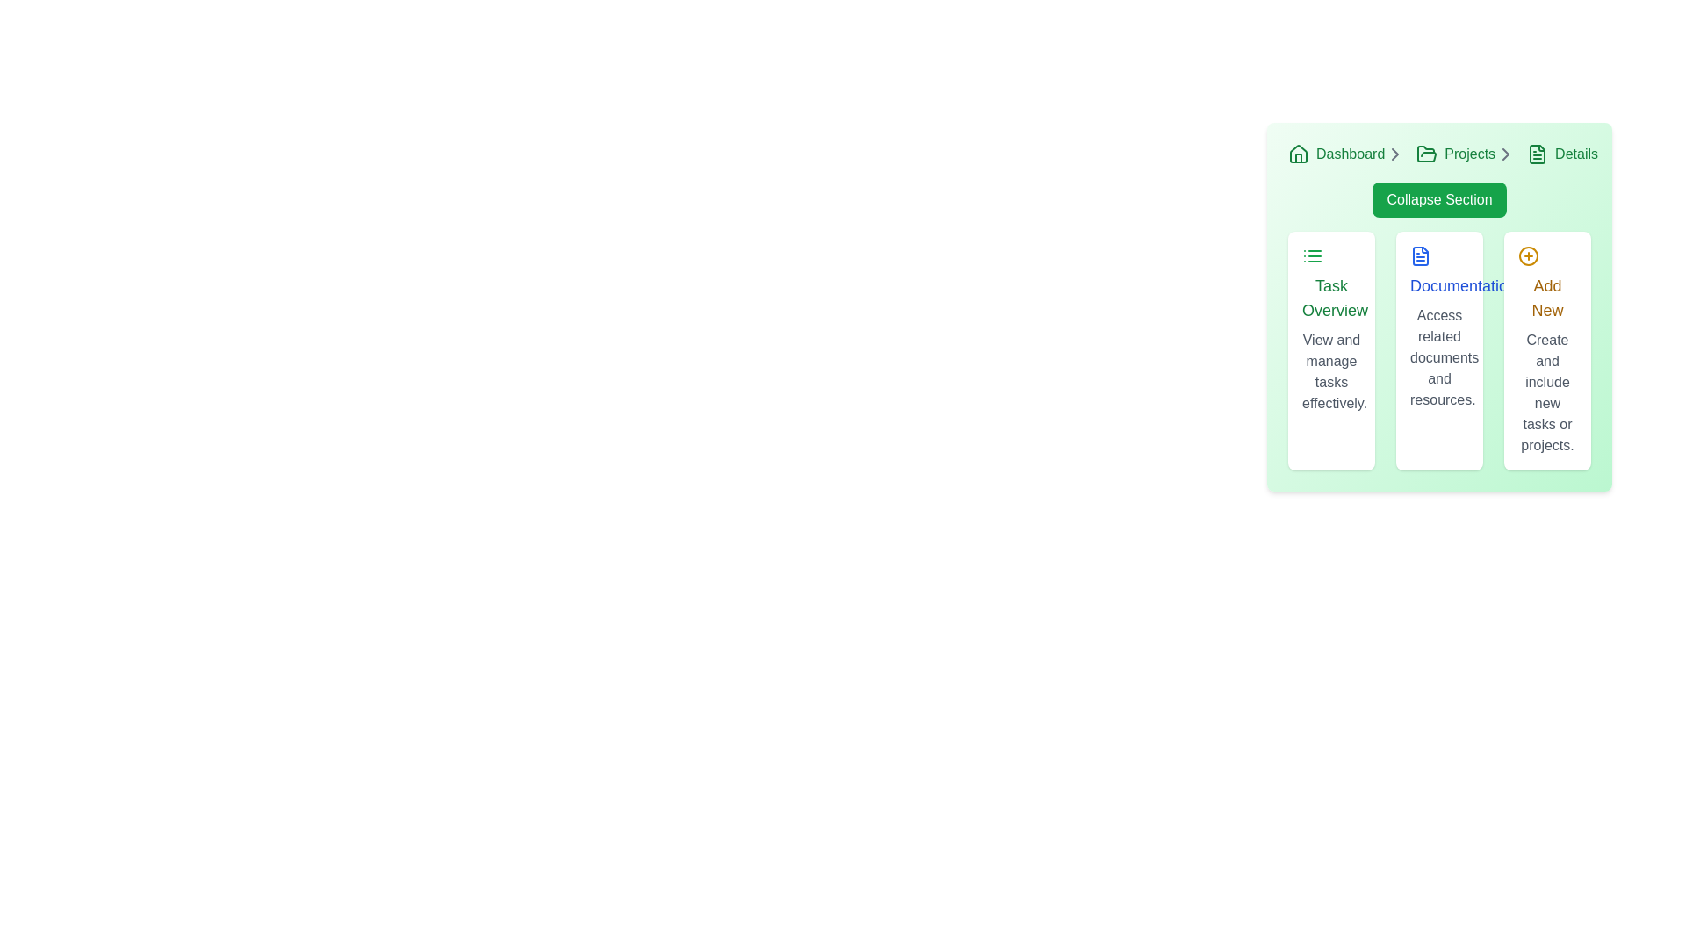 This screenshot has width=1686, height=948. What do you see at coordinates (1427, 152) in the screenshot?
I see `the folder icon in the breadcrumb navigation bar` at bounding box center [1427, 152].